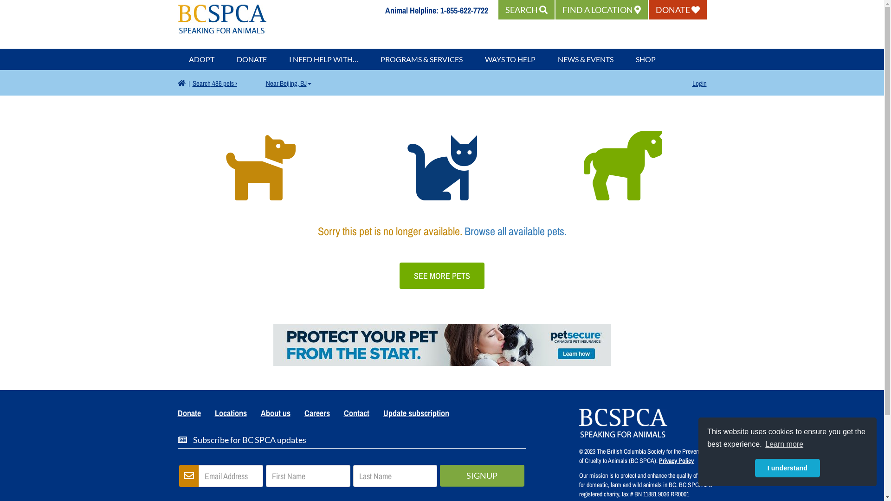 Image resolution: width=891 pixels, height=501 pixels. What do you see at coordinates (676, 460) in the screenshot?
I see `'Privacy Policy'` at bounding box center [676, 460].